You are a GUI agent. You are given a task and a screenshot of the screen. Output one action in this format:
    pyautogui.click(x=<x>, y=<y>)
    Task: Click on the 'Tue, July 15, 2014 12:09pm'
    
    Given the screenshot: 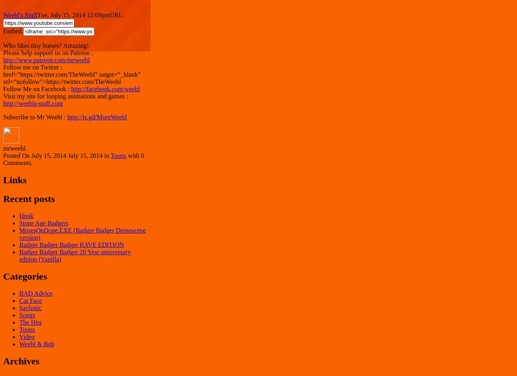 What is the action you would take?
    pyautogui.click(x=73, y=14)
    